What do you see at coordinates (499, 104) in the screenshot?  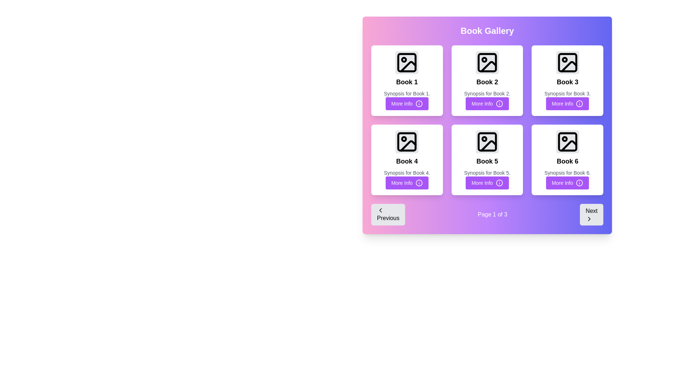 I see `circular SVG shape that is part of the info icon located adjacent to the 'More Info' button for 'Book 2' in the second column of the first row` at bounding box center [499, 104].